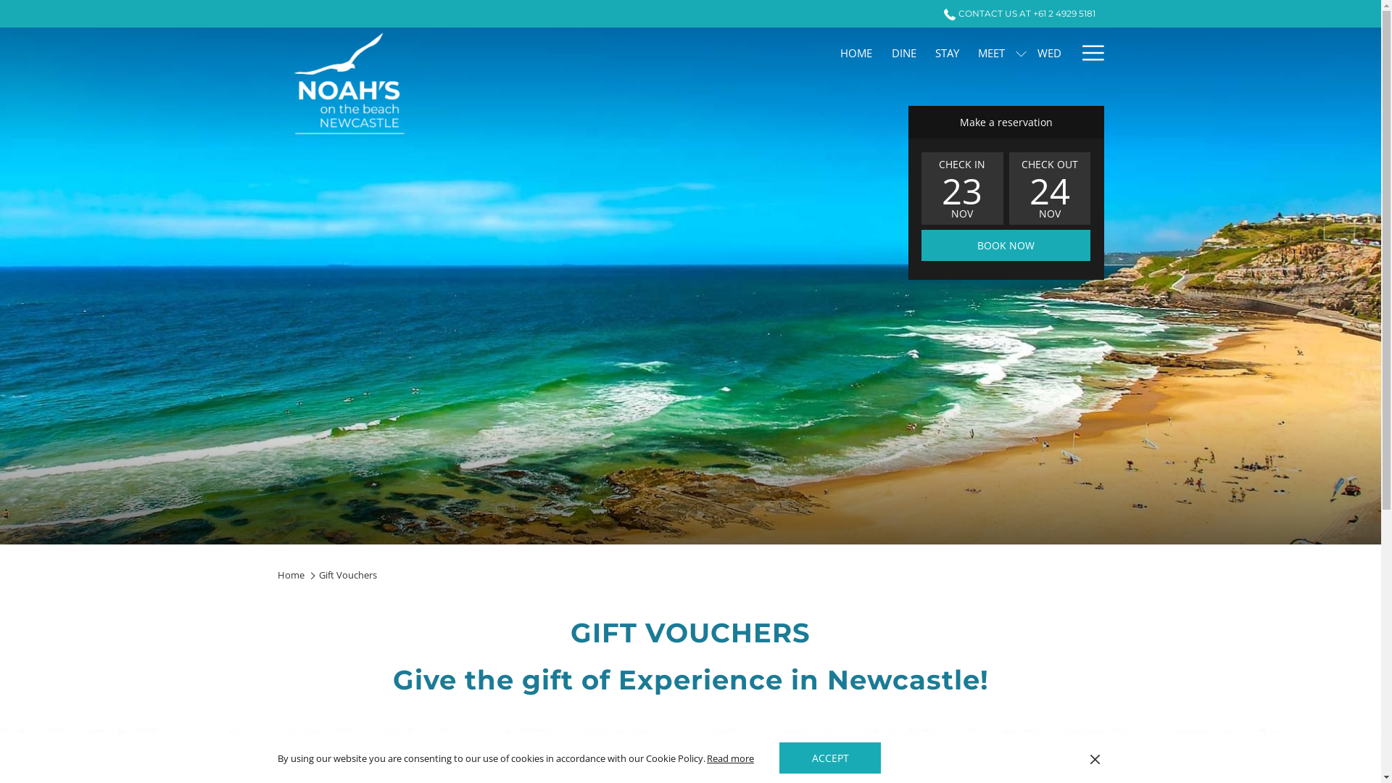 This screenshot has height=783, width=1392. I want to click on 'WED', so click(1027, 51).